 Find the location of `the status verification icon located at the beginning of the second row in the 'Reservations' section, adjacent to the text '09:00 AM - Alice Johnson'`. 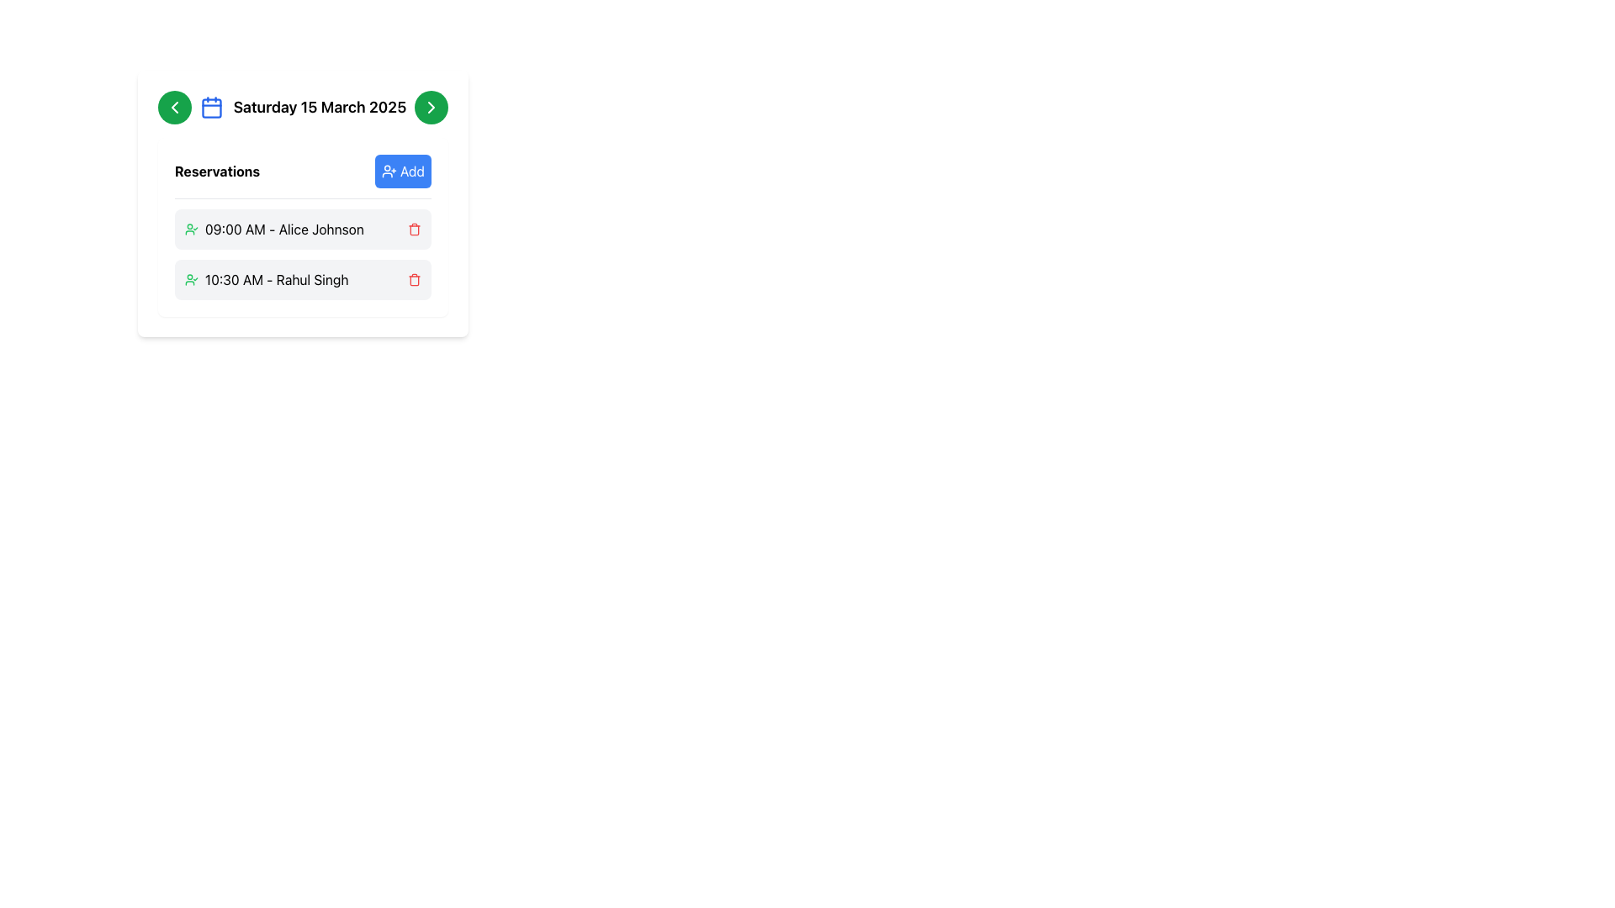

the status verification icon located at the beginning of the second row in the 'Reservations' section, adjacent to the text '09:00 AM - Alice Johnson' is located at coordinates (191, 230).